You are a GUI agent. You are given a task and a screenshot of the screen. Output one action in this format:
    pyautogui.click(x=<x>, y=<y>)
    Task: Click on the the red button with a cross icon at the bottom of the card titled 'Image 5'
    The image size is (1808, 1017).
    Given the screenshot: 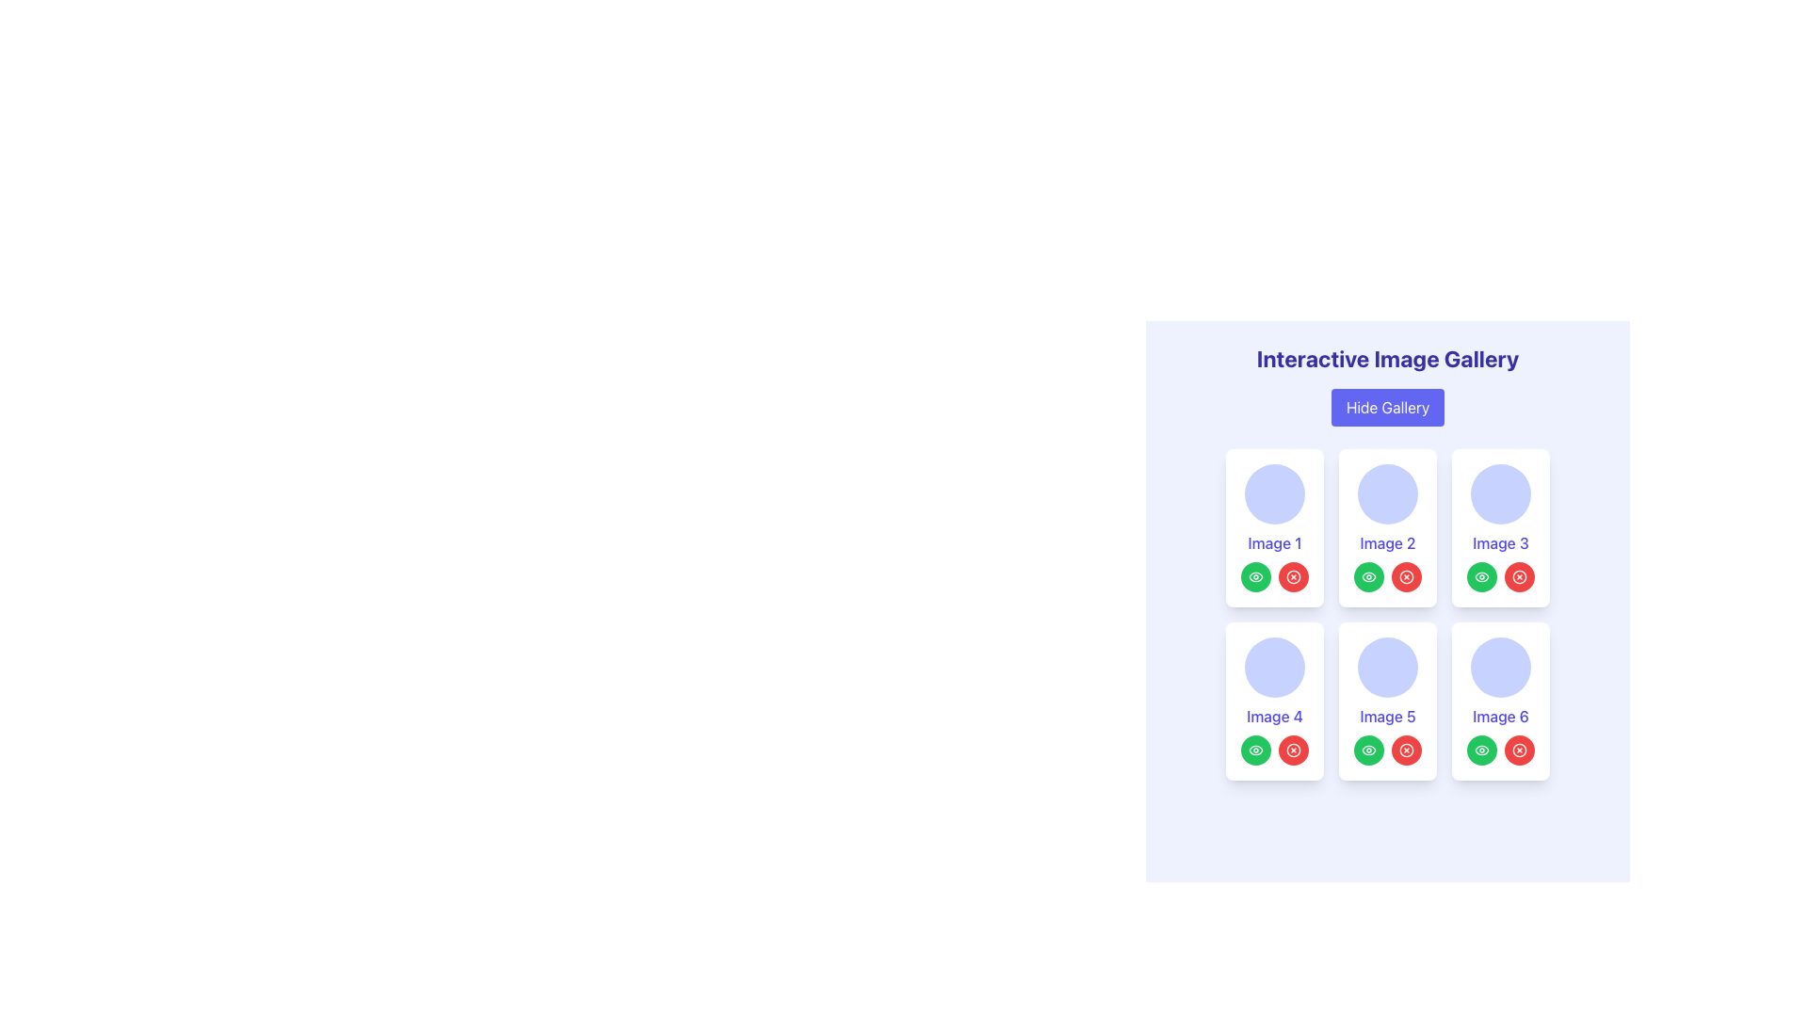 What is the action you would take?
    pyautogui.click(x=1387, y=701)
    